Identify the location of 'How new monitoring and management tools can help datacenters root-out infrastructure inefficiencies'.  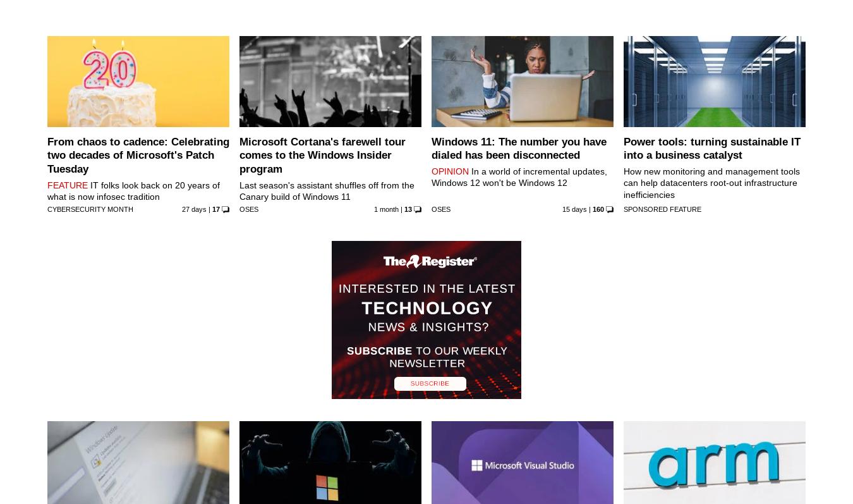
(711, 182).